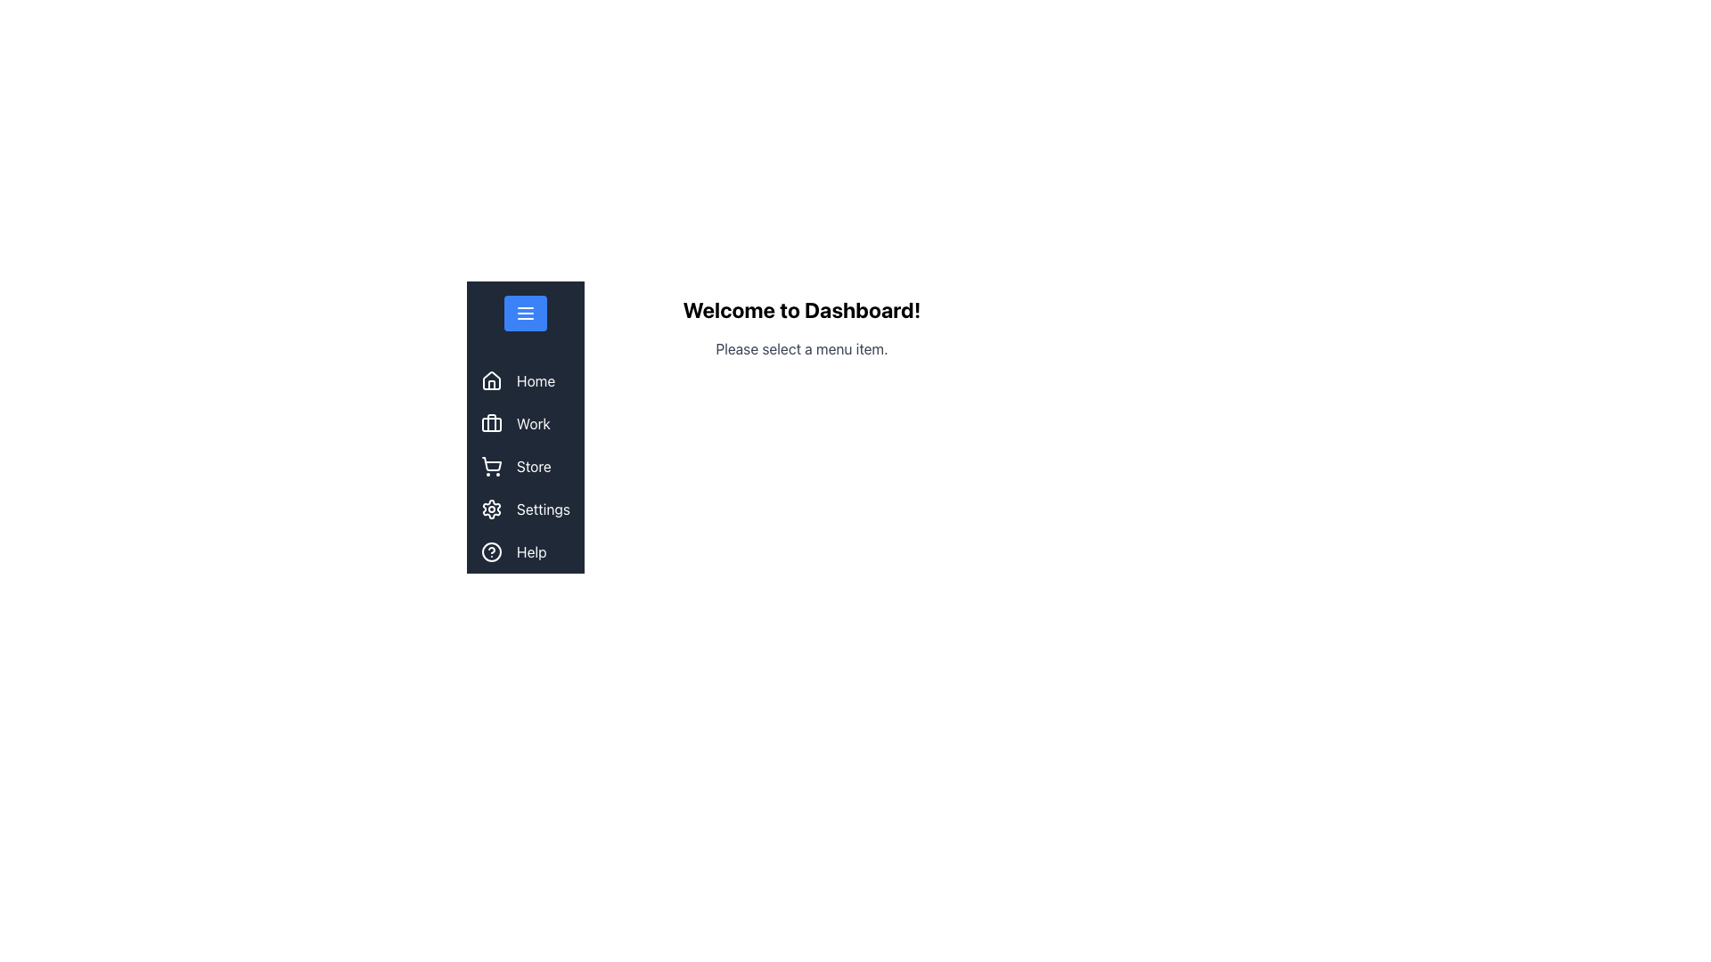 The height and width of the screenshot is (962, 1711). What do you see at coordinates (492, 422) in the screenshot?
I see `the vertical line component inside the briefcase icon located under the 'Work' label in the left sidebar navigation menu` at bounding box center [492, 422].